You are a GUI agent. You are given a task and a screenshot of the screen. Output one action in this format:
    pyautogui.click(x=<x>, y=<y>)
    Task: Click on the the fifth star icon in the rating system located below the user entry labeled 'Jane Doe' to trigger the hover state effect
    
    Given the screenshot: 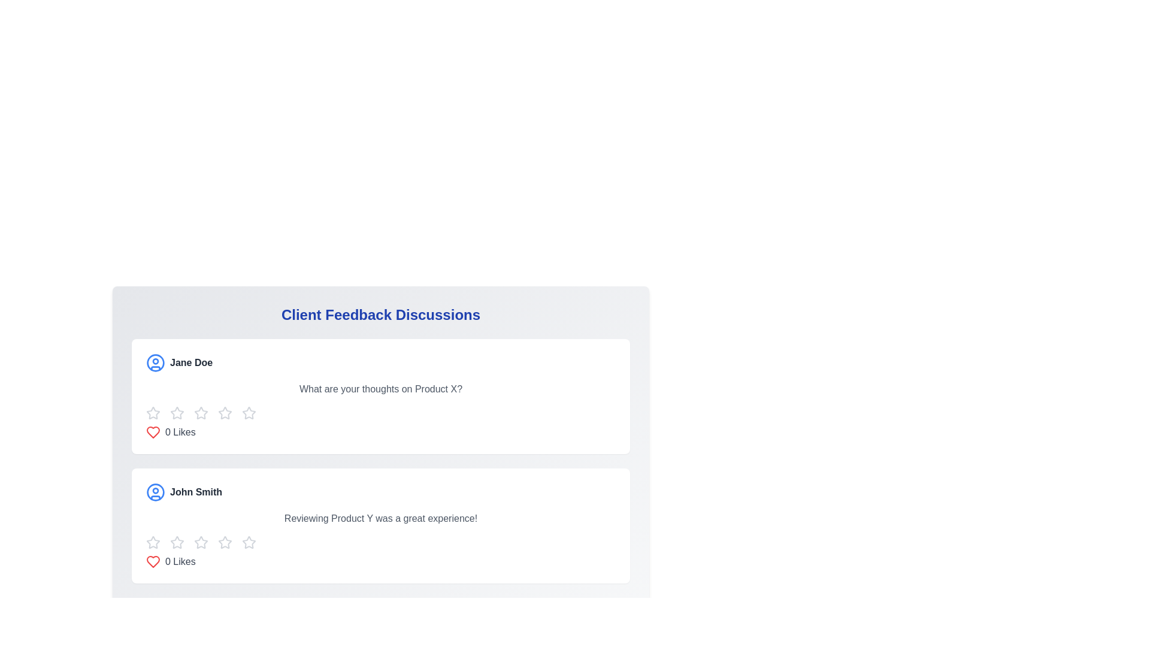 What is the action you would take?
    pyautogui.click(x=249, y=413)
    